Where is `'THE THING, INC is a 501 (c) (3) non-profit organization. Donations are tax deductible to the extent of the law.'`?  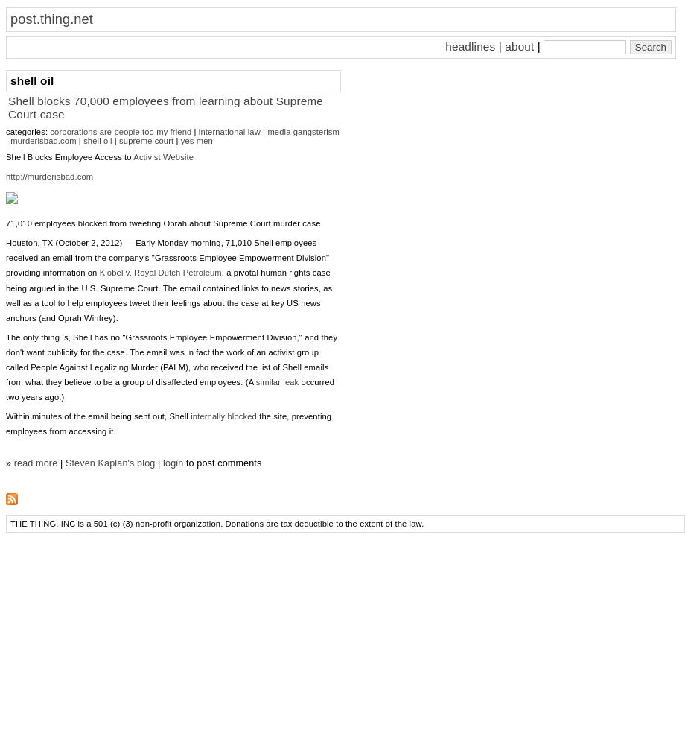 'THE THING, INC is a 501 (c) (3) non-profit organization. Donations are tax deductible to the extent of the law.' is located at coordinates (10, 523).